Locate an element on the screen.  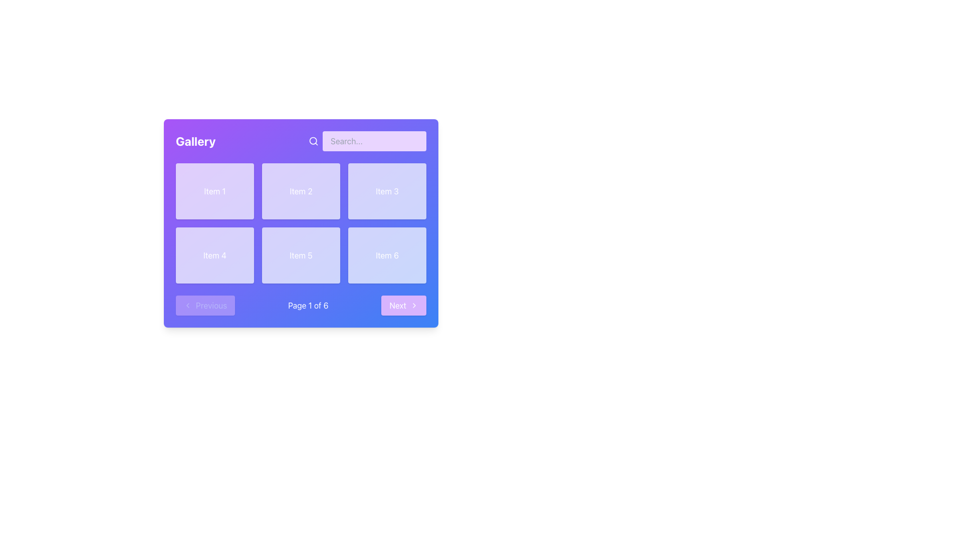
the 'Next' button located at the bottom-right corner of the pagination controls is located at coordinates (404, 305).